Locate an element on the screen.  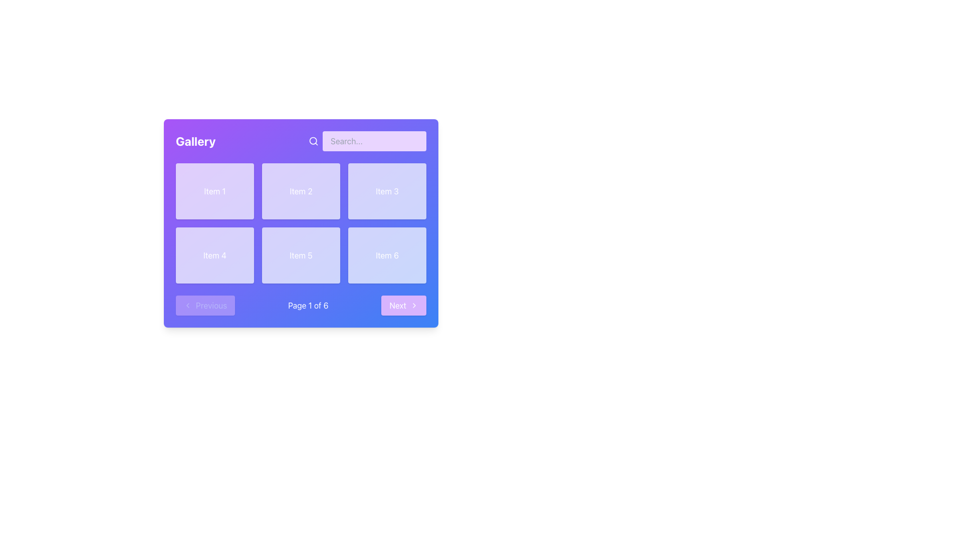
the 'Next' button located at the bottom-right corner of the pagination controls is located at coordinates (404, 305).